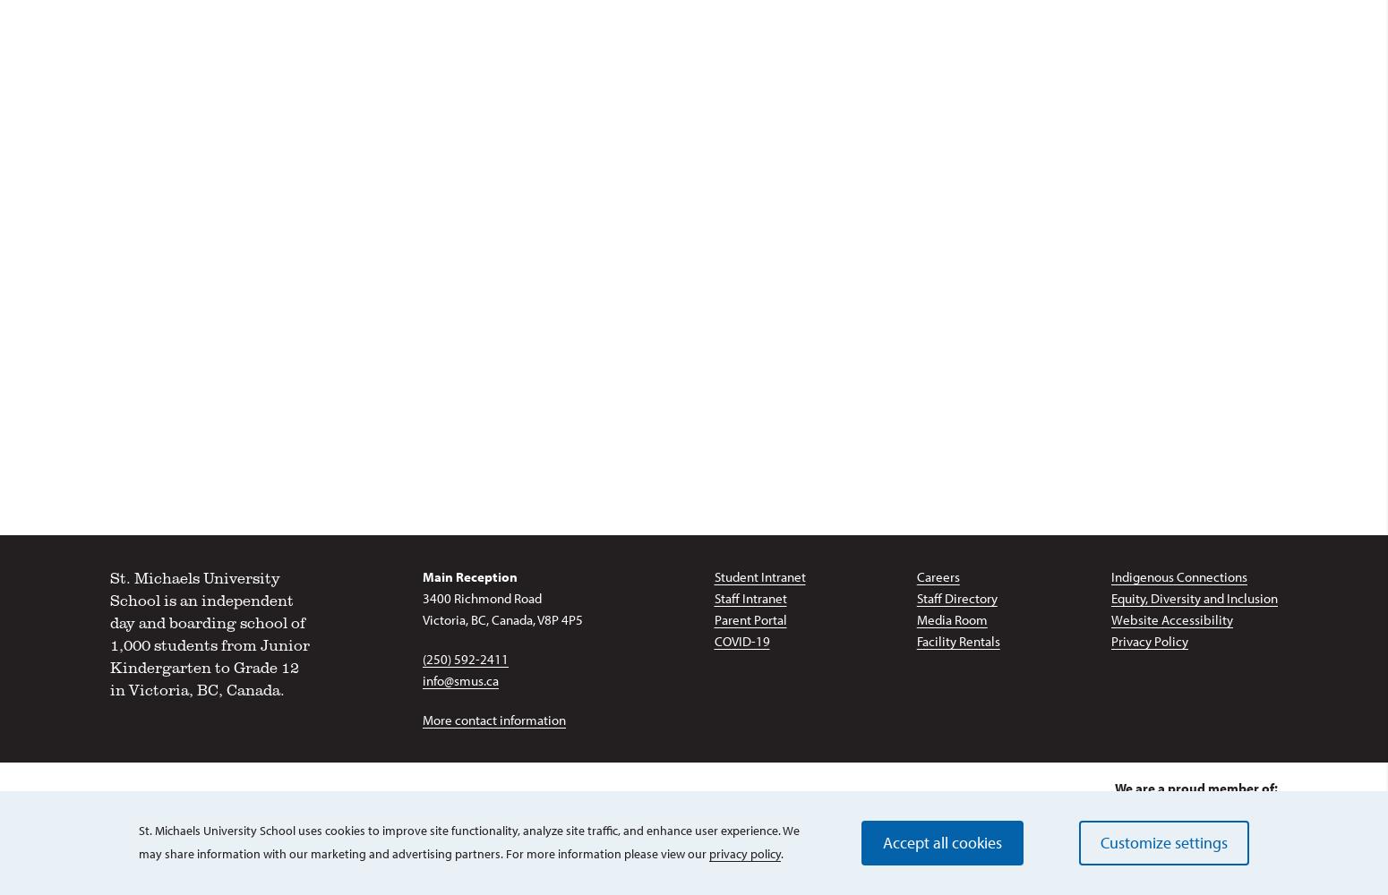  What do you see at coordinates (951, 618) in the screenshot?
I see `'Media Room'` at bounding box center [951, 618].